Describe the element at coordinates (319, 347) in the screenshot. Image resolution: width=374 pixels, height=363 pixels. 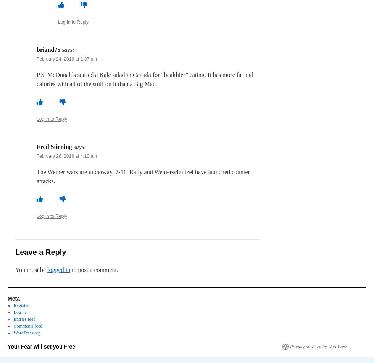
I see `'Proudly powered by WordPress.'` at that location.